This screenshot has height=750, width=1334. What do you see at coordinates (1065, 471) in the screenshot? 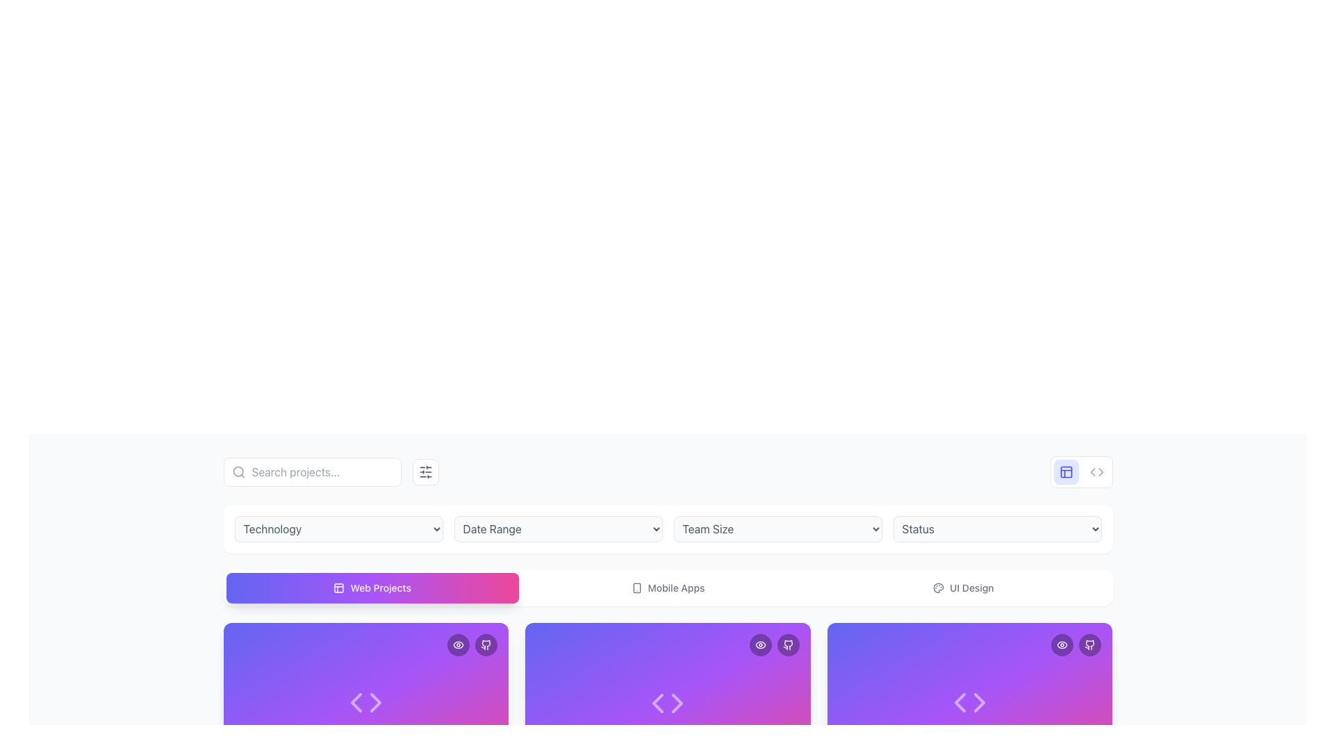
I see `the rectangular icon with rounded corners located in the top-right corner of the interface within the navigation or action toolbar` at bounding box center [1065, 471].